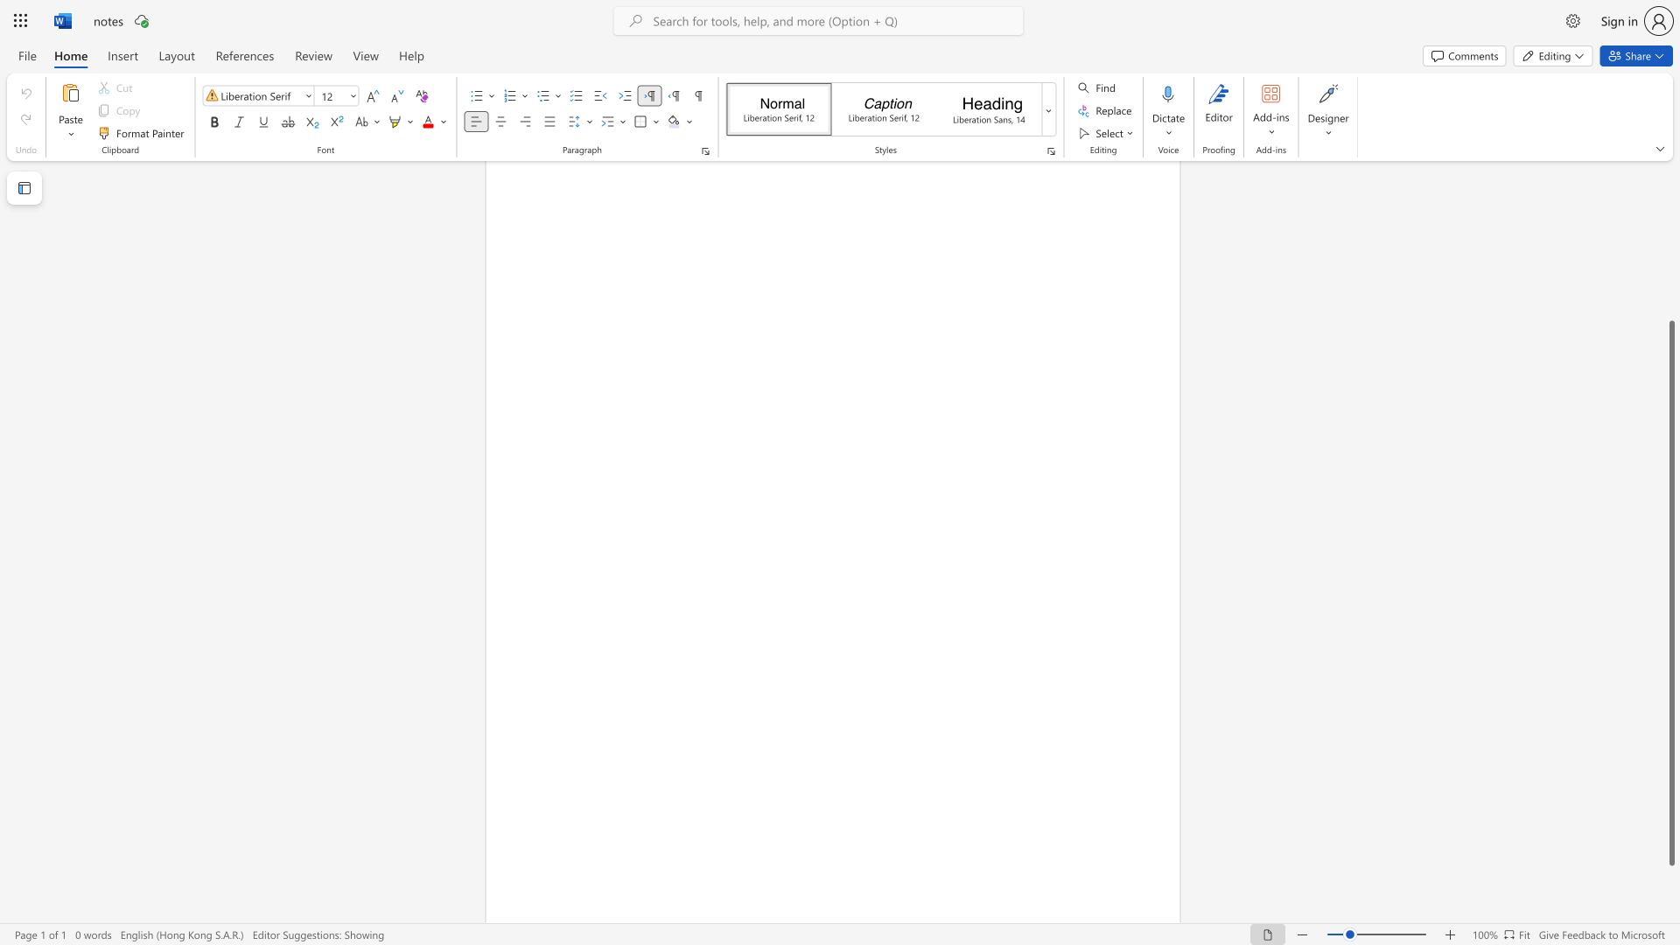  Describe the element at coordinates (1670, 288) in the screenshot. I see `the scrollbar to move the view up` at that location.